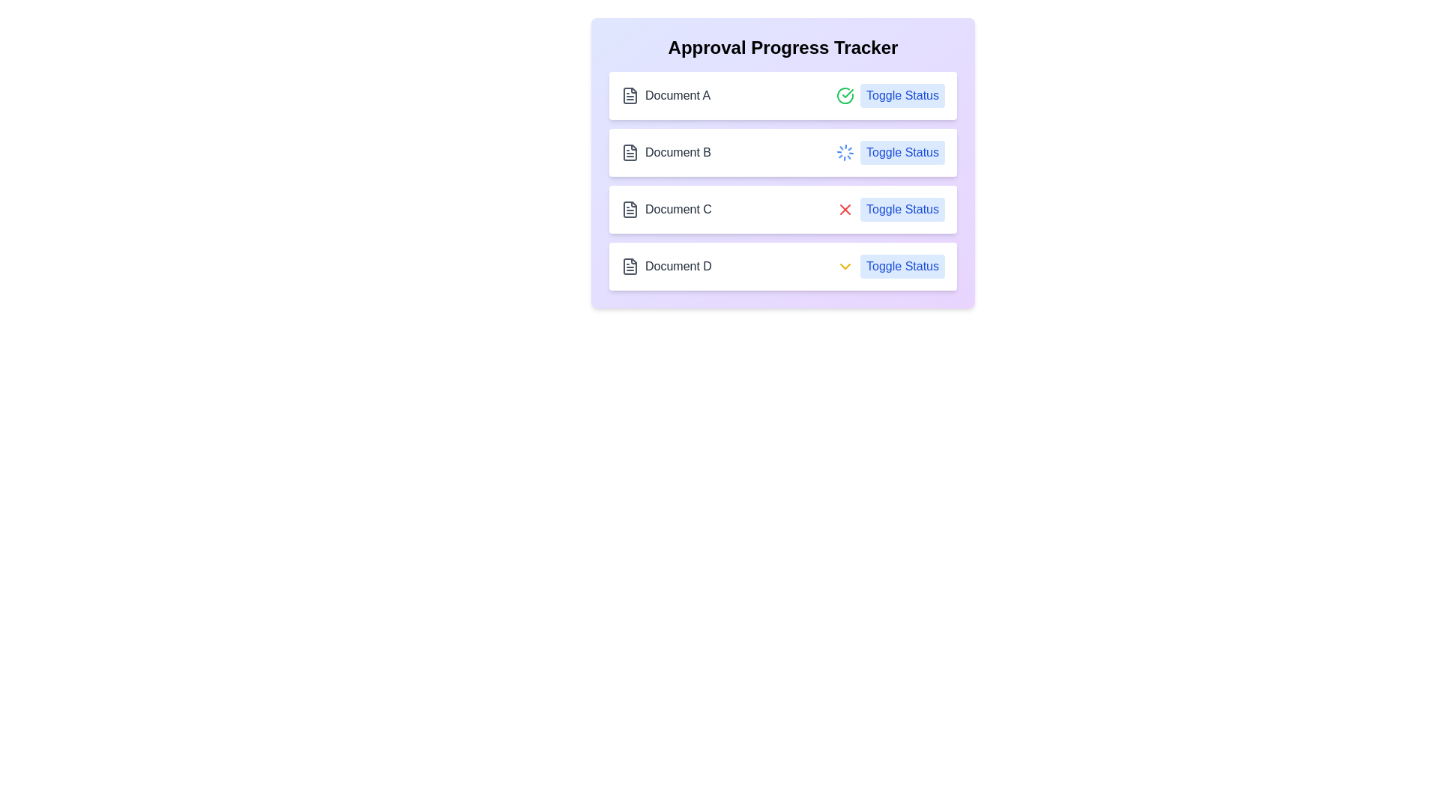  What do you see at coordinates (902, 210) in the screenshot?
I see `the button in the third row of the 'Approval Progress Tracker' panel, located to the right of the 'Document C' label and the red 'X' icon` at bounding box center [902, 210].